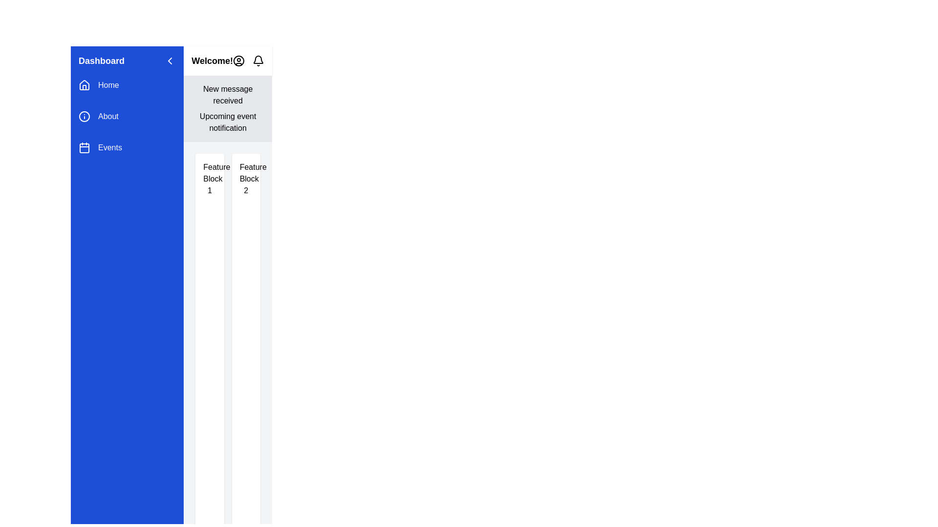 The image size is (938, 527). Describe the element at coordinates (84, 148) in the screenshot. I see `the 'Events' icon in the vertical navigation menu on the left-hand side` at that location.